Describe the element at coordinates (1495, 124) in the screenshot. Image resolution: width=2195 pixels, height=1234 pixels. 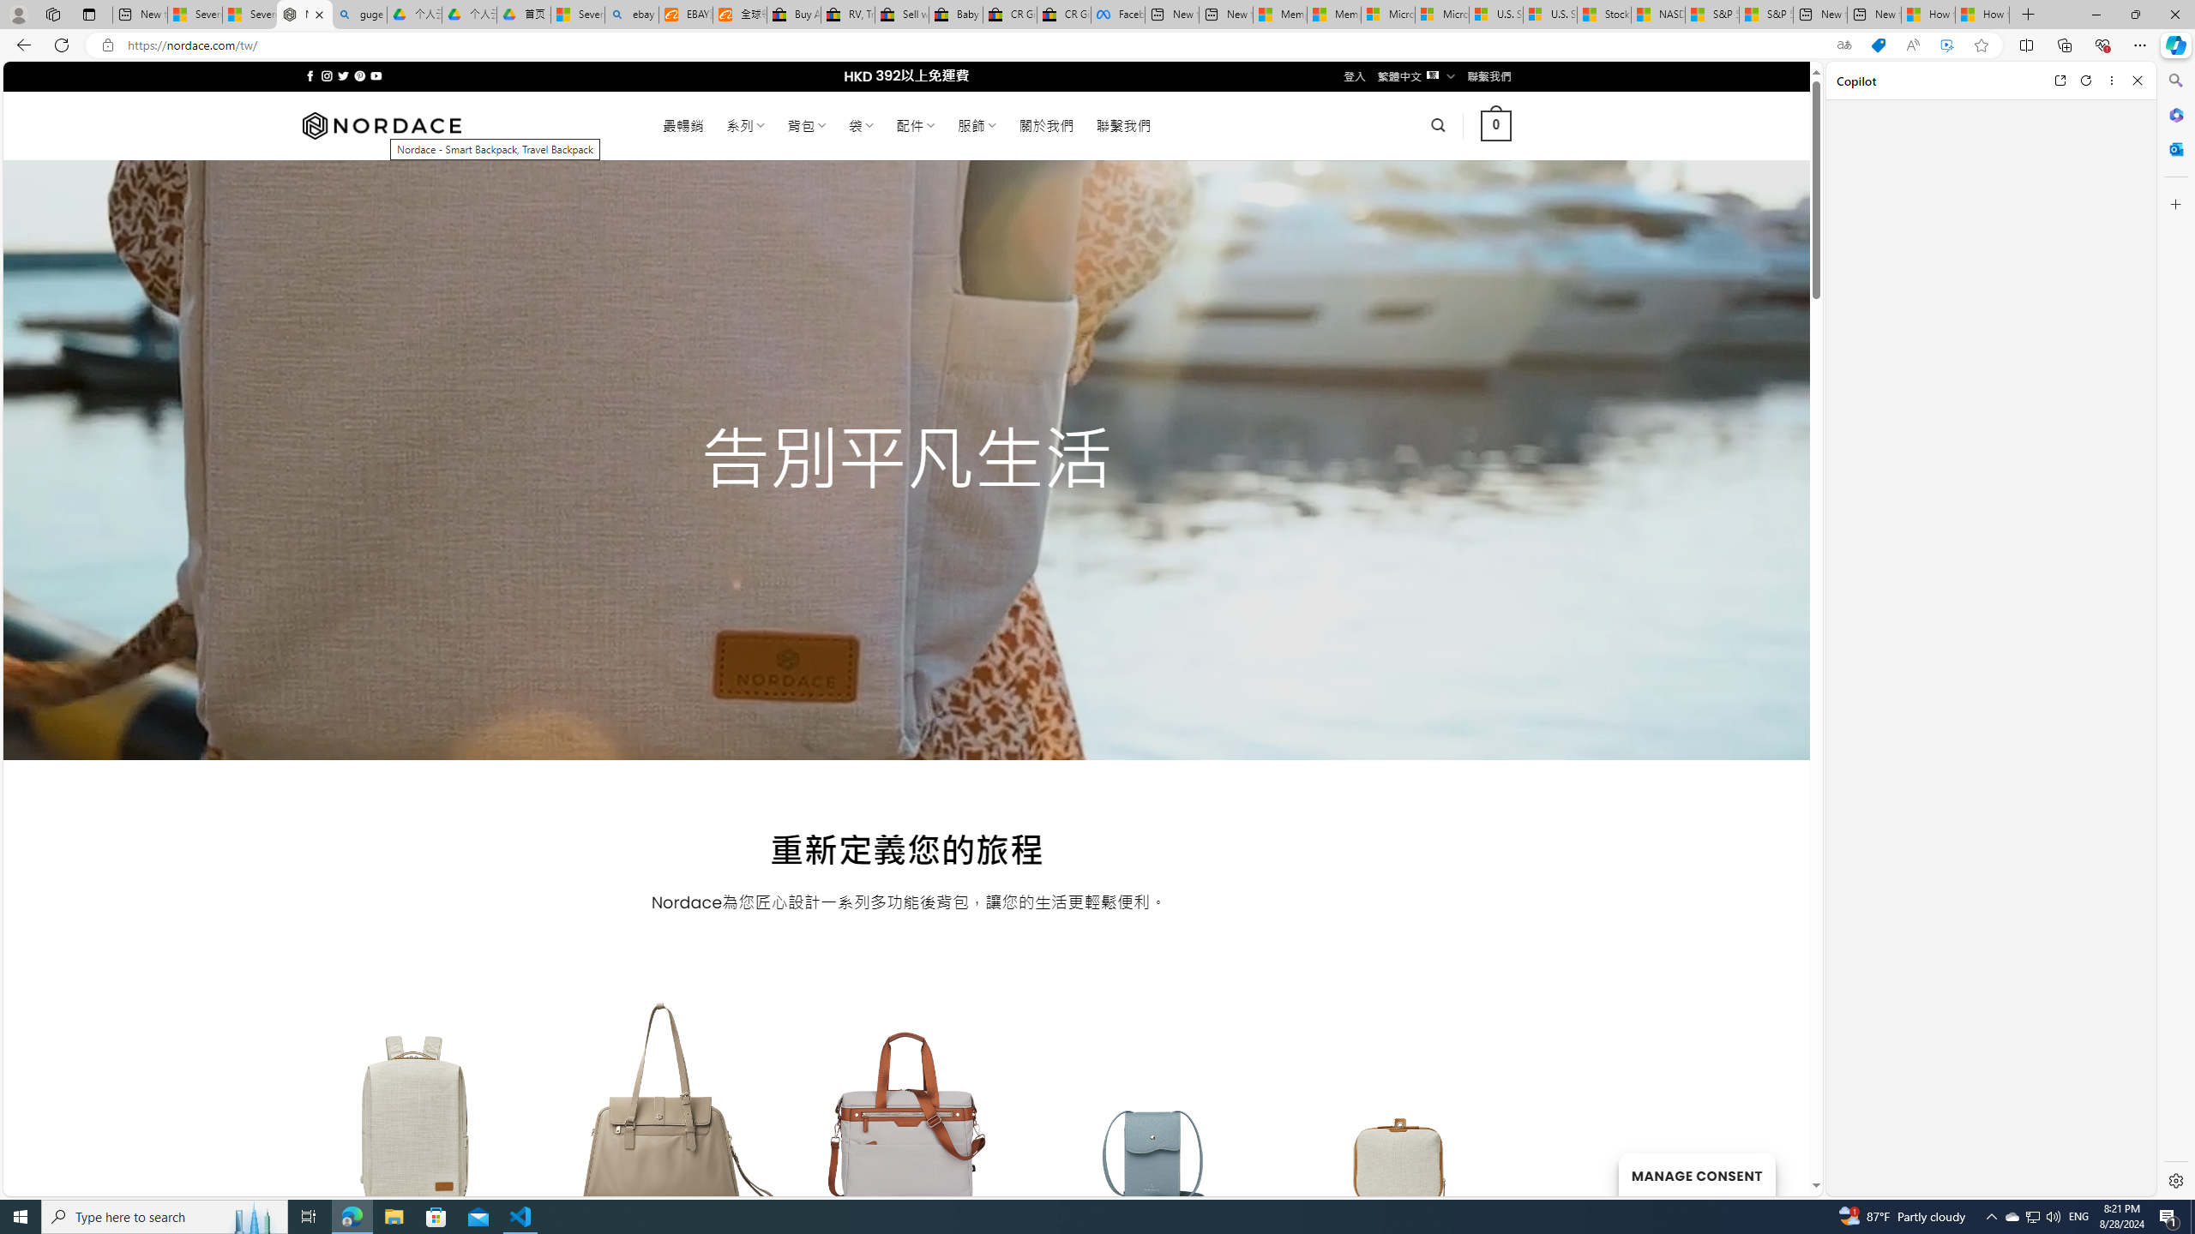
I see `'  0  '` at that location.